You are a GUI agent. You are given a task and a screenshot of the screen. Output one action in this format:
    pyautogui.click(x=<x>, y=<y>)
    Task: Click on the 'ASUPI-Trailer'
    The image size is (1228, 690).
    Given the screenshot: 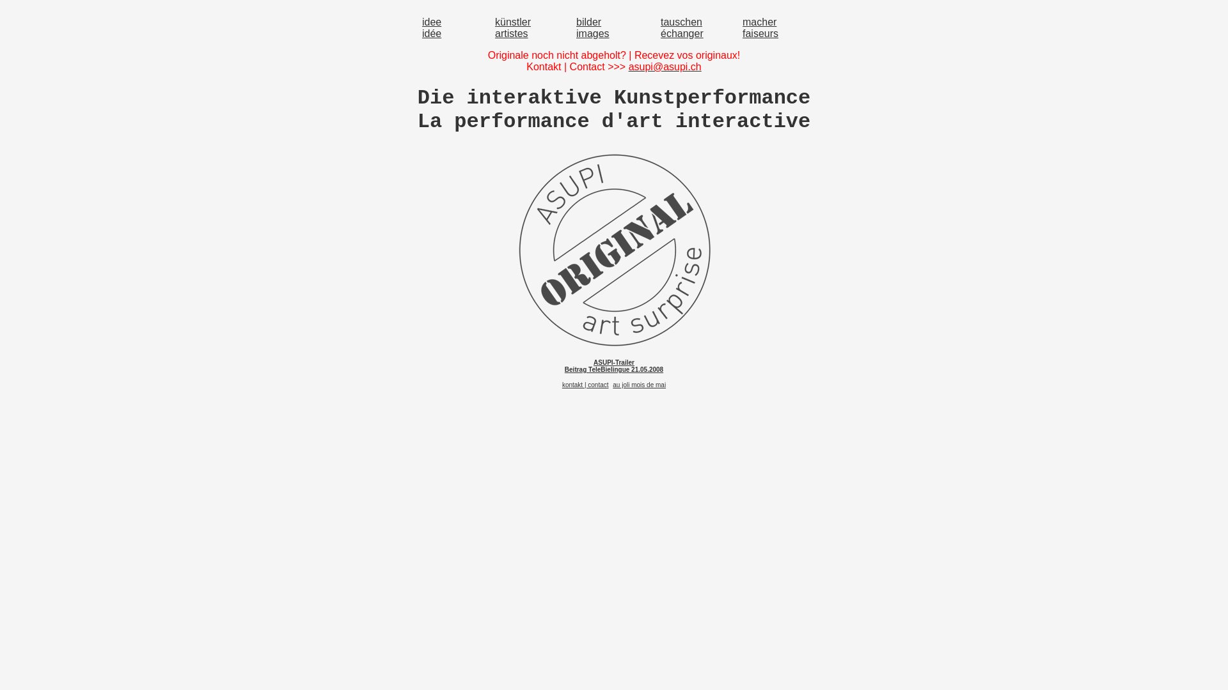 What is the action you would take?
    pyautogui.click(x=592, y=362)
    